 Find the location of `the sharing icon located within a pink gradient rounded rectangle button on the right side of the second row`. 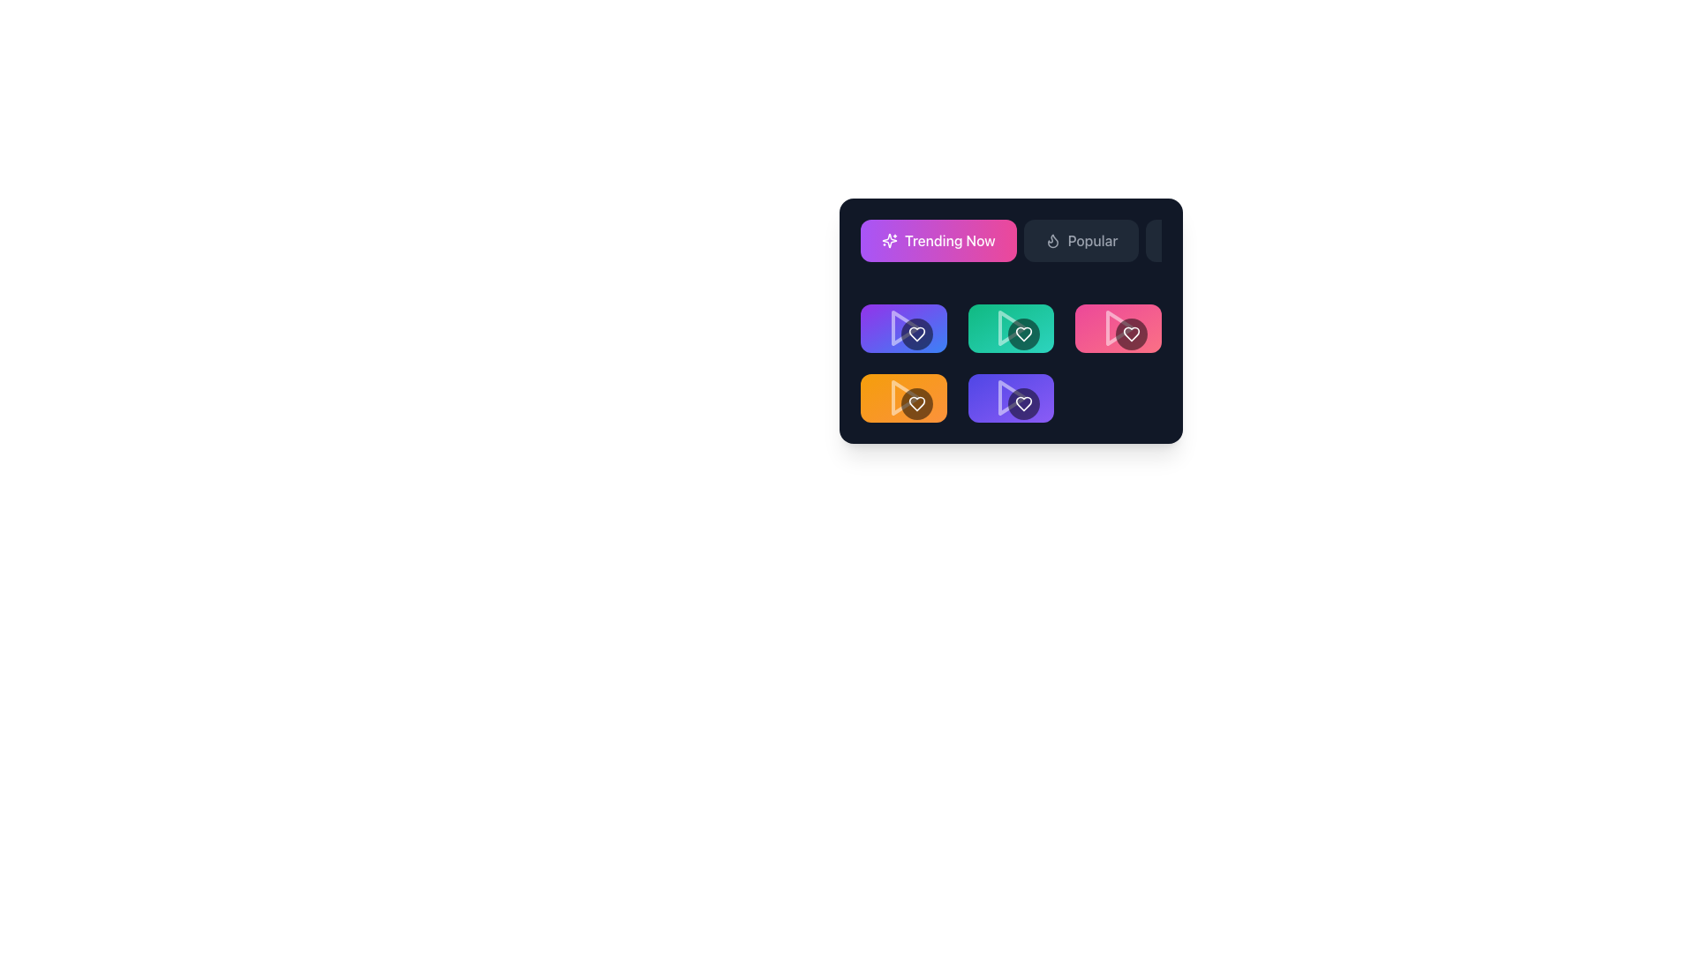

the sharing icon located within a pink gradient rounded rectangle button on the right side of the second row is located at coordinates (1099, 320).